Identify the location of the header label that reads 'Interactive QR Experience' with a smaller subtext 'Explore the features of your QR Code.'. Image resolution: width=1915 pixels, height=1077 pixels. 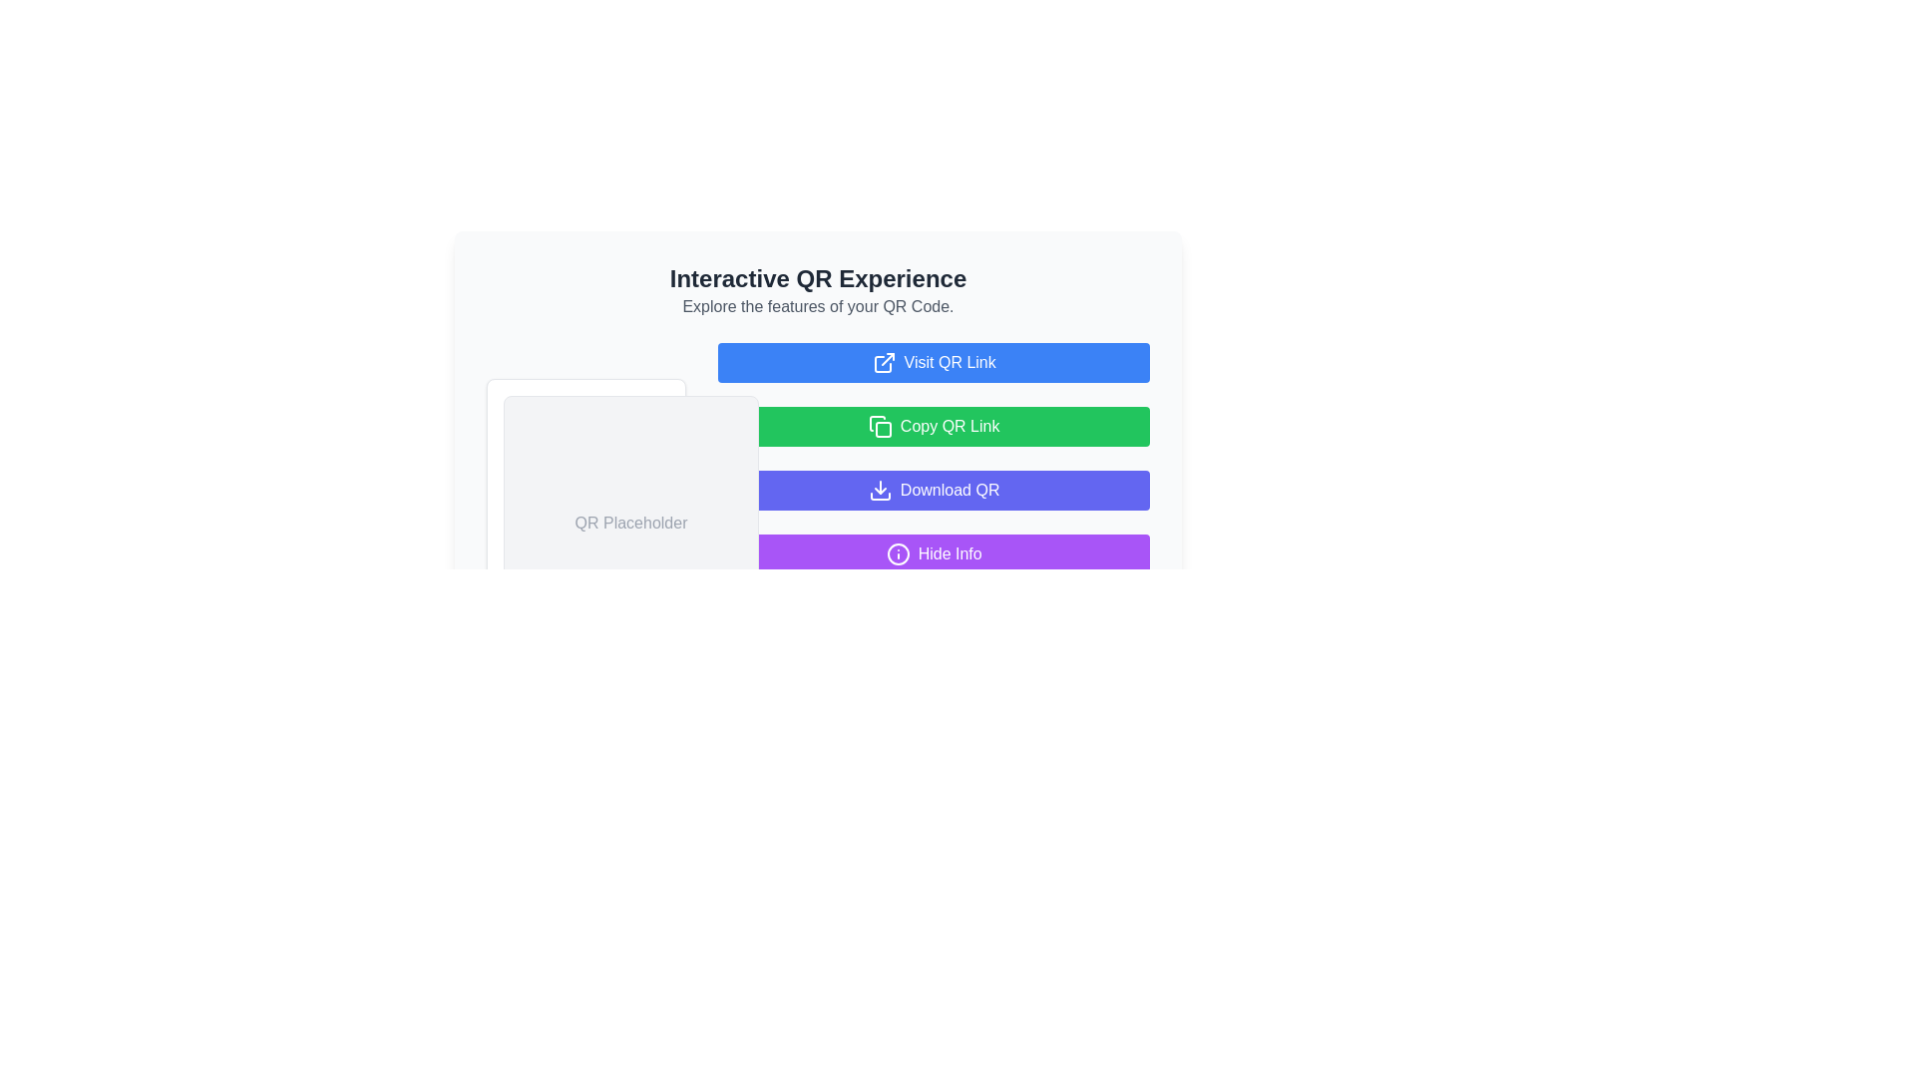
(818, 291).